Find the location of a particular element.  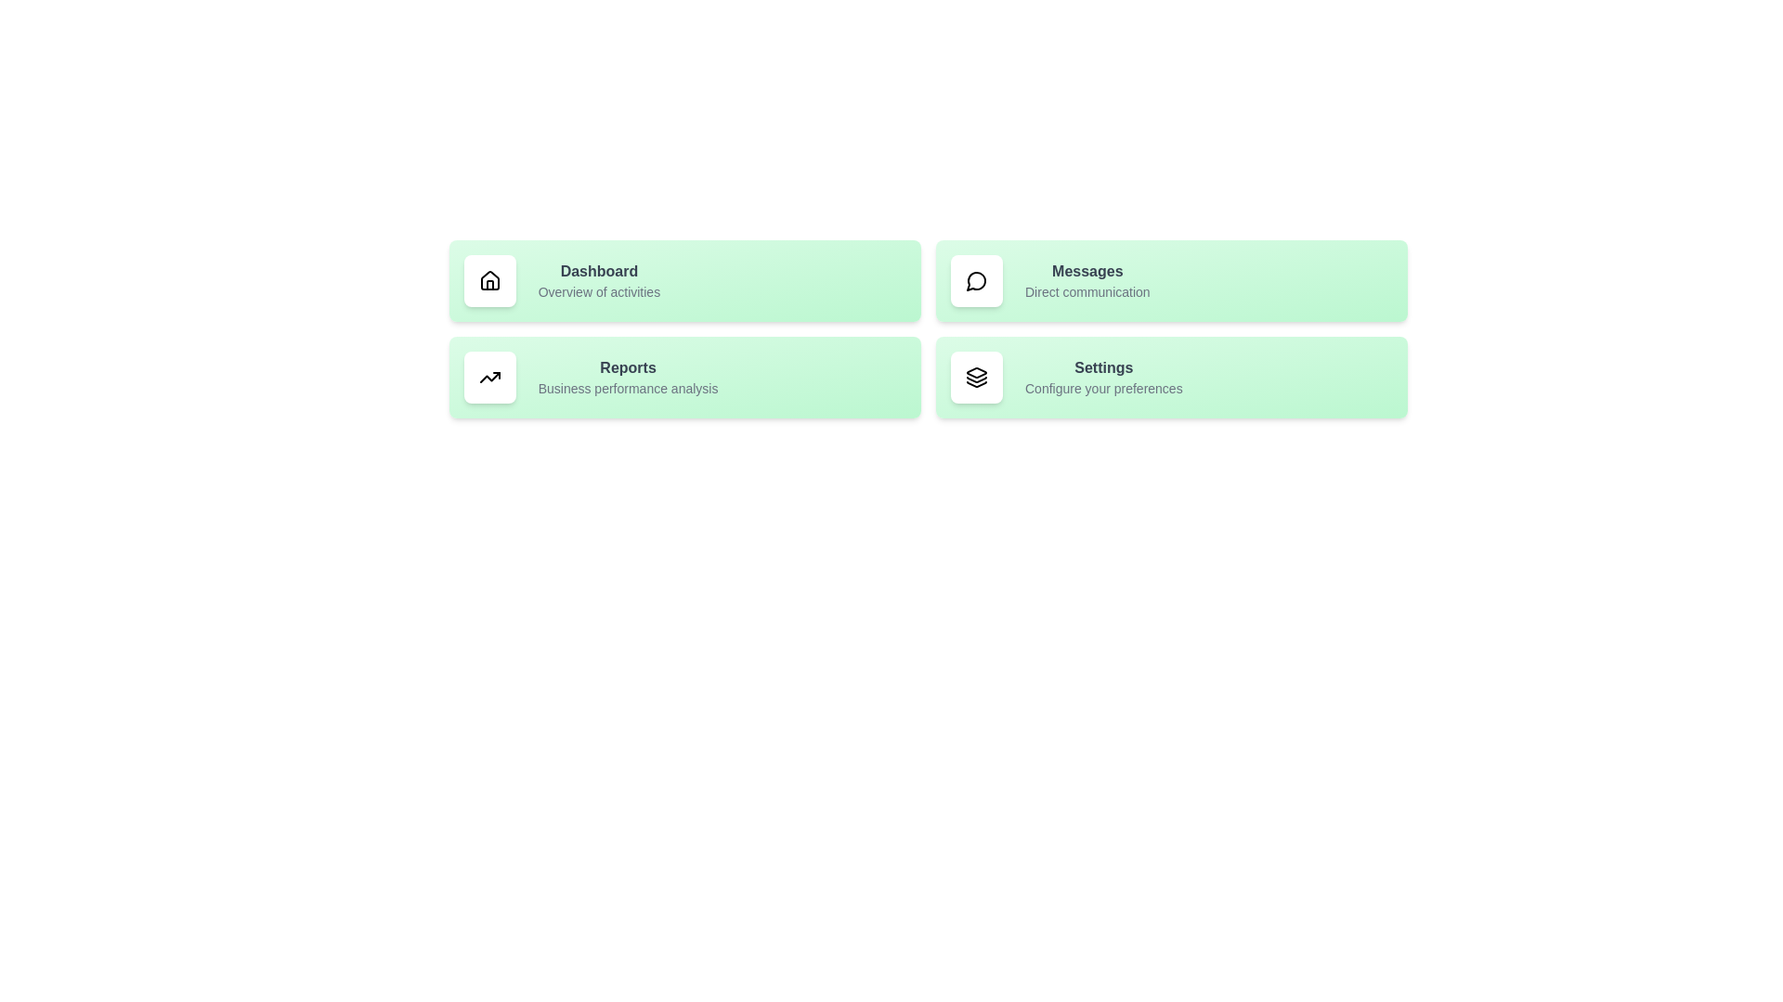

the list item corresponding to Dashboard is located at coordinates (683, 281).